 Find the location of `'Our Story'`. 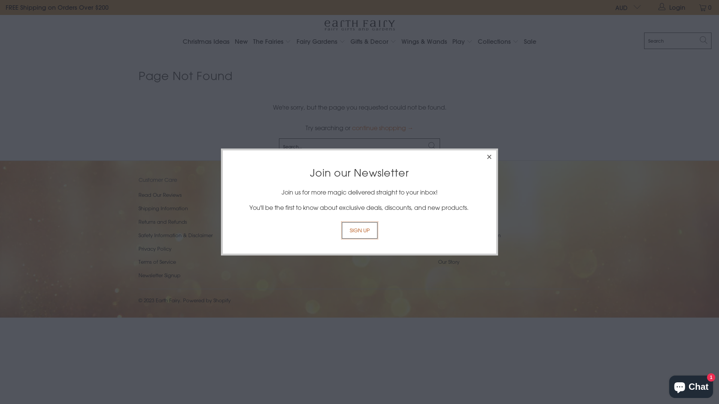

'Our Story' is located at coordinates (449, 261).